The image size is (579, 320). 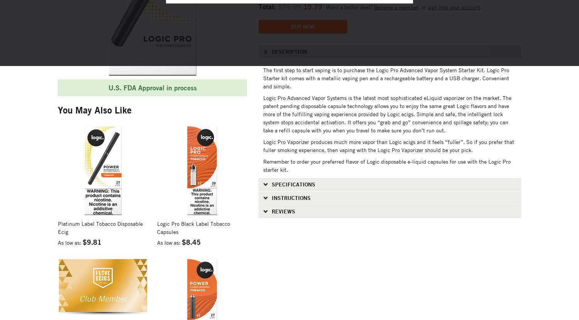 What do you see at coordinates (387, 113) in the screenshot?
I see `'Logic Pro Advanced Vapor Systems is the latest most sophisticated eLiquid vaporizer on the market. The patent pending disposable capsule technology allows you to enjoy the same great Logic flavors and have more of the fulfilling vaping experience provided by Logic ecigs. Simple and safe, the intelligent lock system stops accidental activation. It offers you “grab and go” convenience and spillage safety; you can take a refill capsule with you when you travel to make sure you don’t run out.'` at bounding box center [387, 113].